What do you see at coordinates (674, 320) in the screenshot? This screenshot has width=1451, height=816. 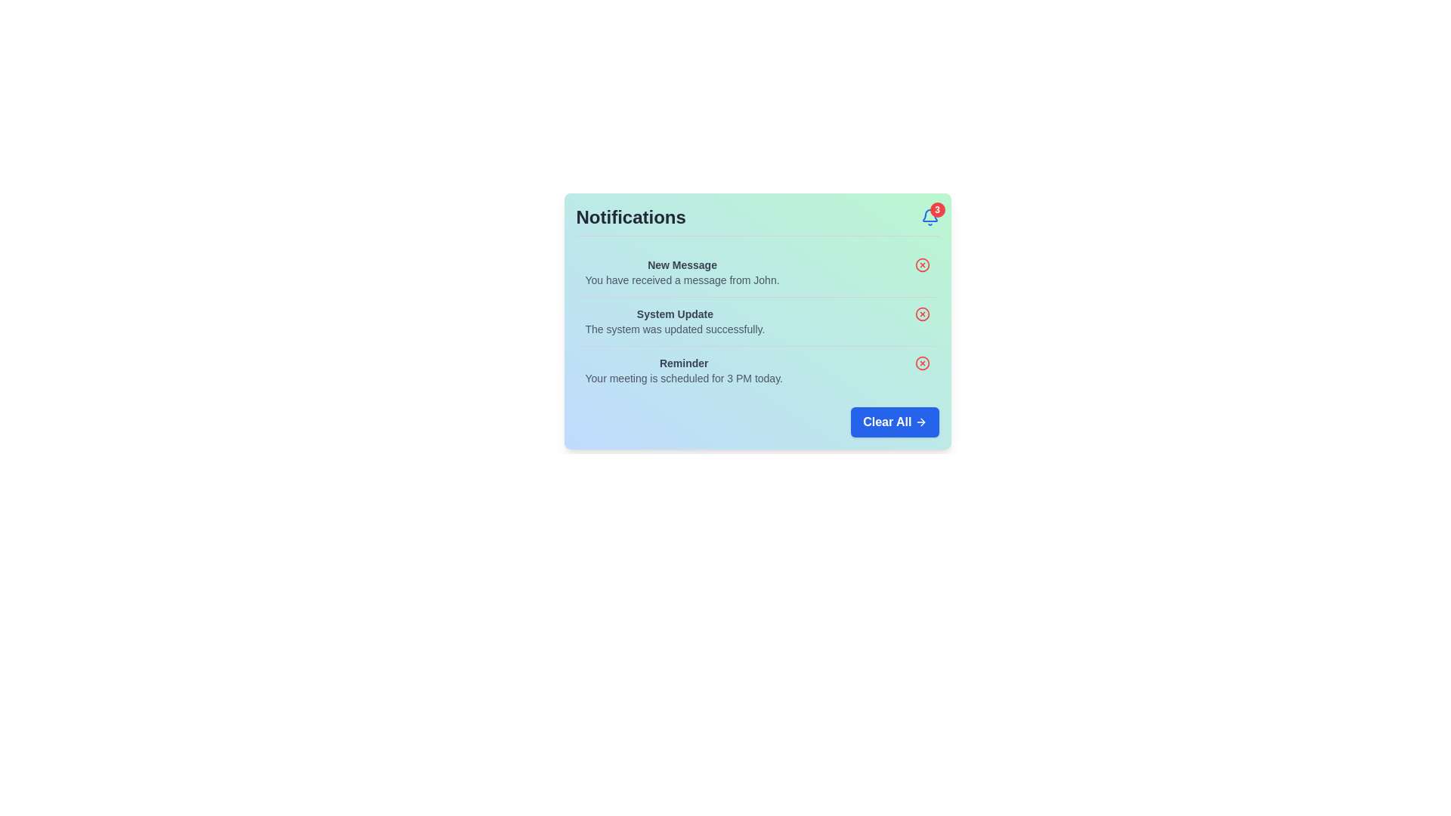 I see `text from the text block displaying 'System Update' and 'The system was updated successfully.' located in the notification panel` at bounding box center [674, 320].